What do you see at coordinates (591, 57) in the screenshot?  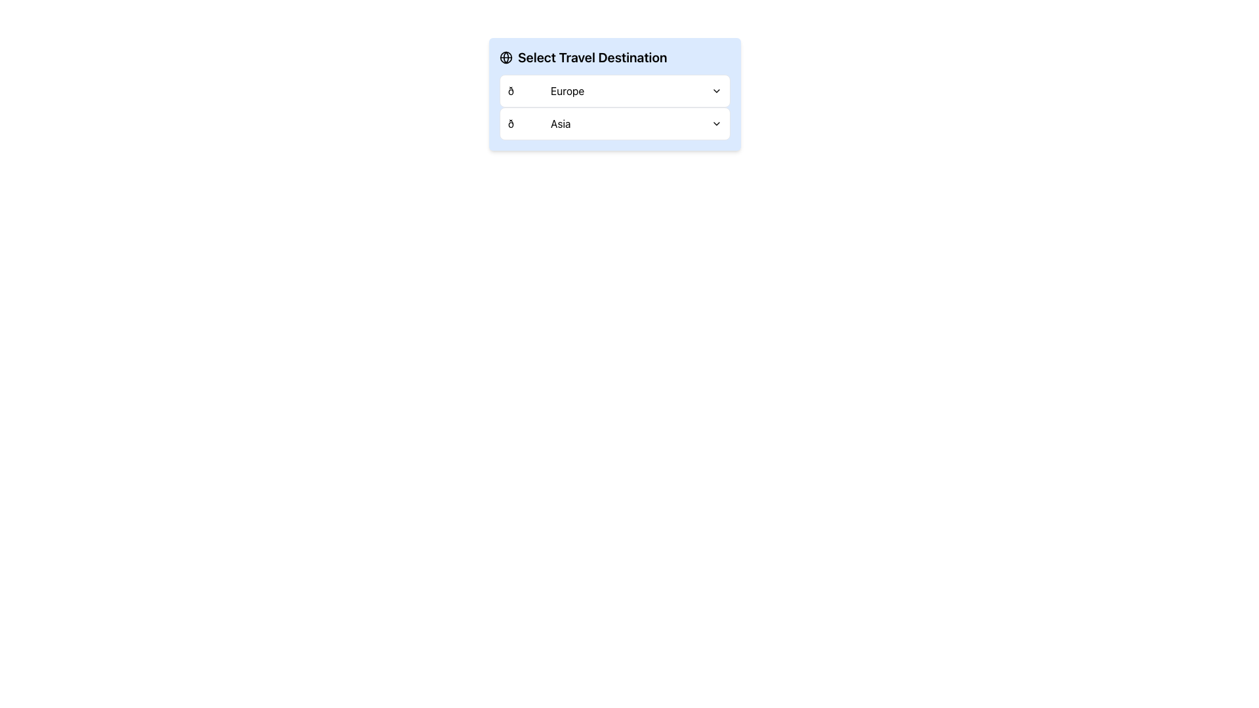 I see `the header text 'Select Travel Destination', which is styled in bold and larger text size, located at the center of the top header, adjacent to a globe icon` at bounding box center [591, 57].